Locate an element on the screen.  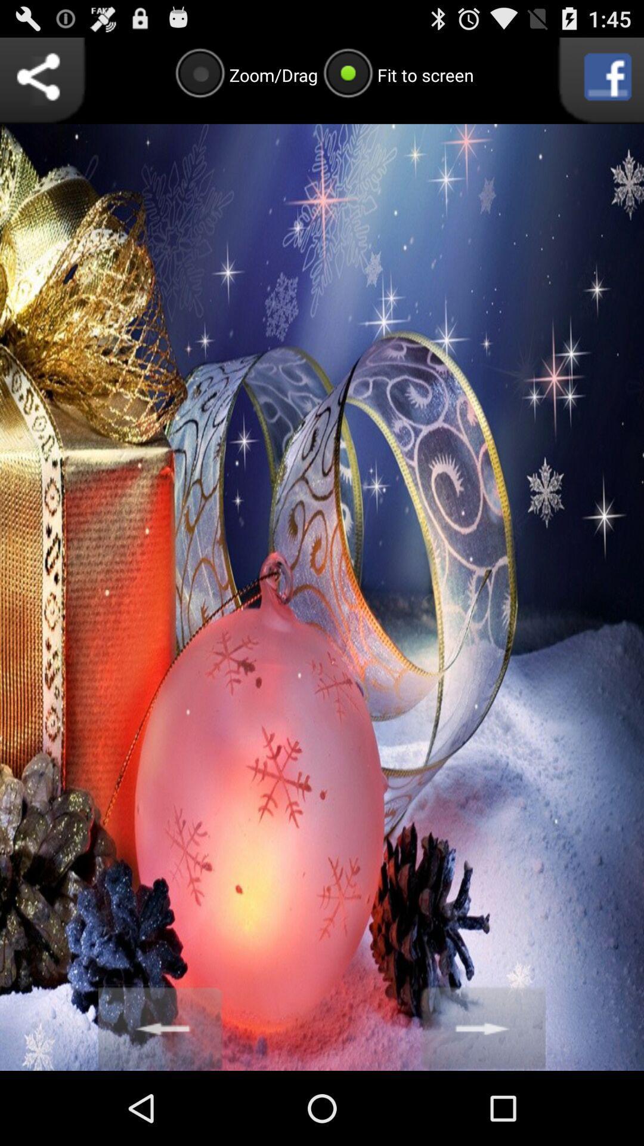
go back is located at coordinates (161, 1027).